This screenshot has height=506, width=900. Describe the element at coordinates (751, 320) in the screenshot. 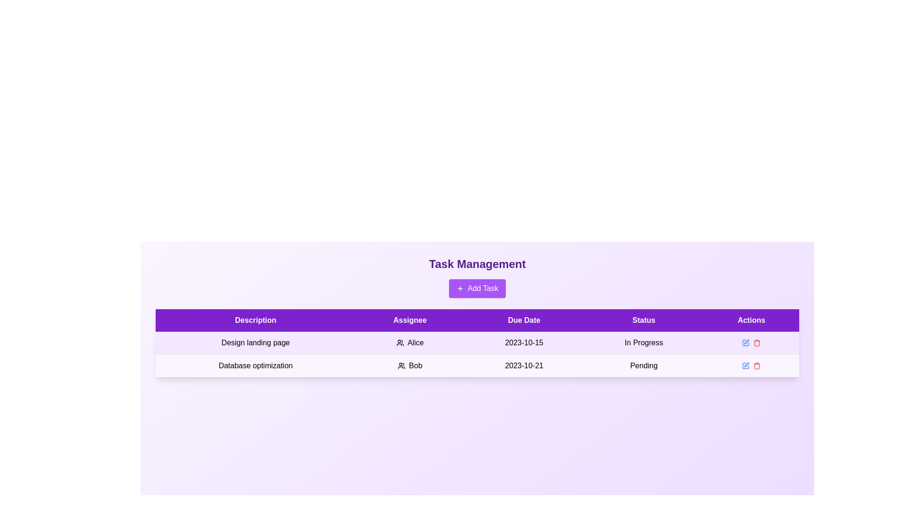

I see `the 'Actions' header label, which is a bold, white font on a purple background, located in the fifth column of the table` at that location.